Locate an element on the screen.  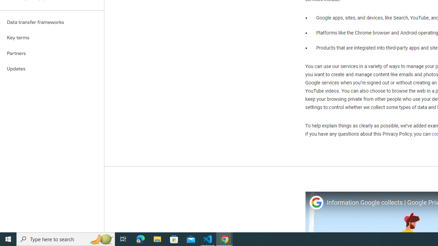
'Photo image of Google' is located at coordinates (316, 202).